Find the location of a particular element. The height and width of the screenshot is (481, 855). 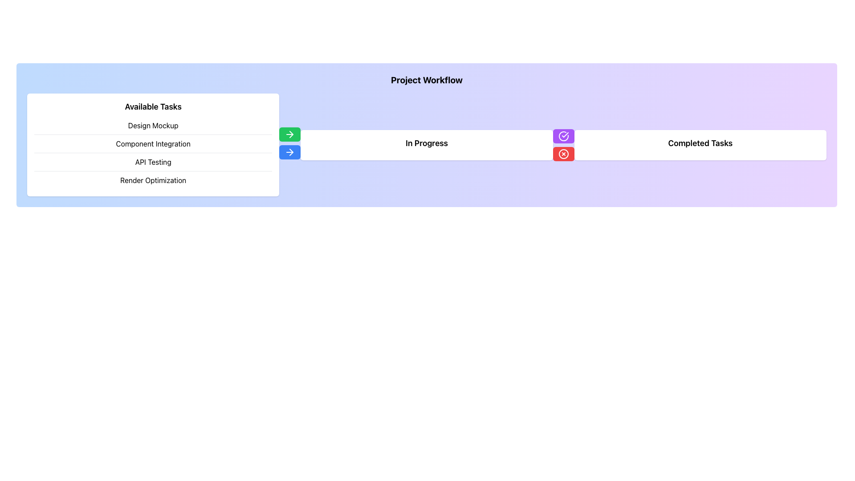

the Text label that serves as the title or header for the list of tasks below it, located within a white, bordered box at the top-left of the main interface is located at coordinates (153, 106).